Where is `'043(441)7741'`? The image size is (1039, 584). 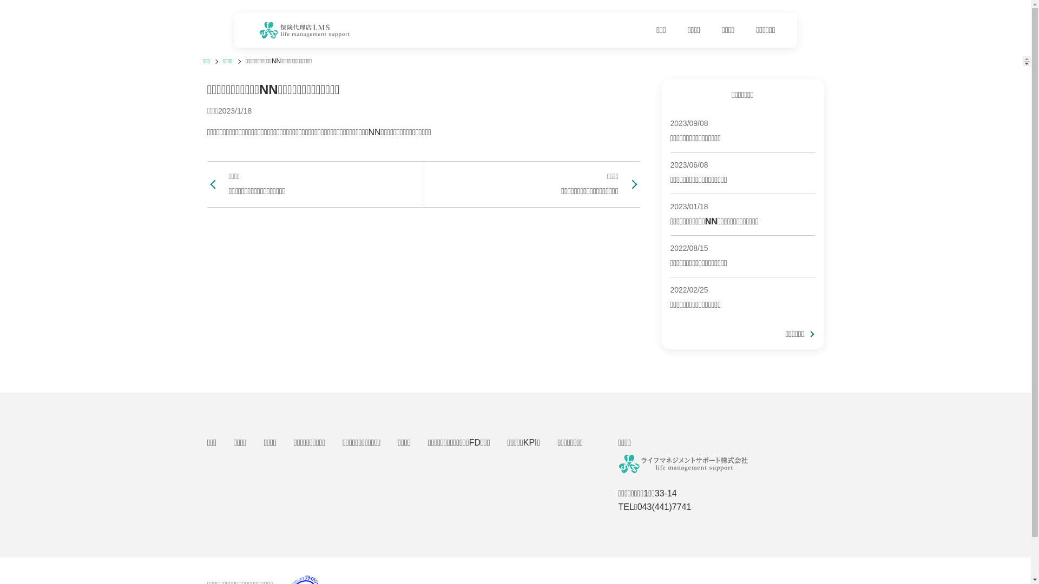 '043(441)7741' is located at coordinates (664, 507).